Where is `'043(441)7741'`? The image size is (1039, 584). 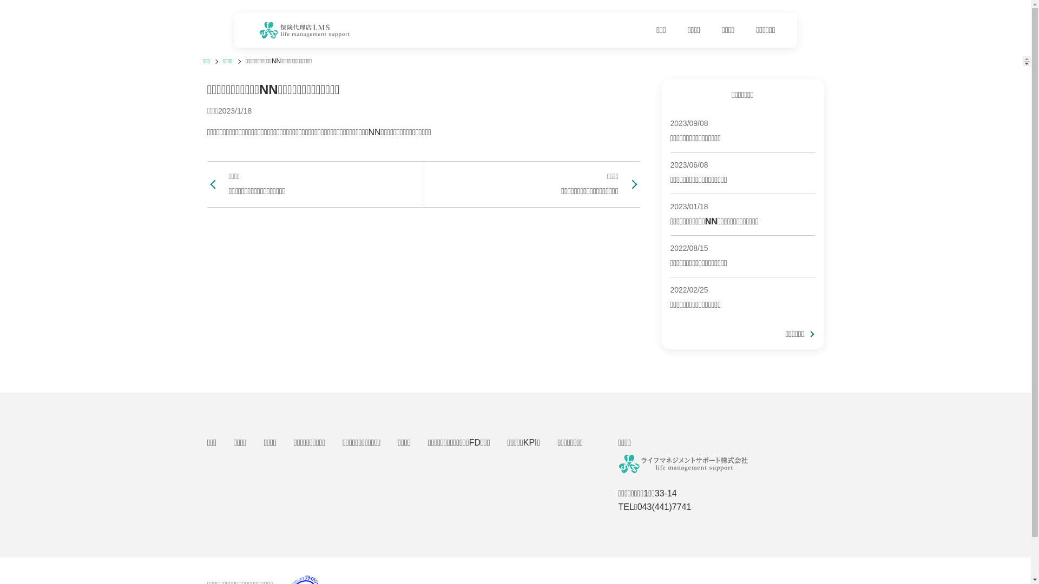 '043(441)7741' is located at coordinates (664, 507).